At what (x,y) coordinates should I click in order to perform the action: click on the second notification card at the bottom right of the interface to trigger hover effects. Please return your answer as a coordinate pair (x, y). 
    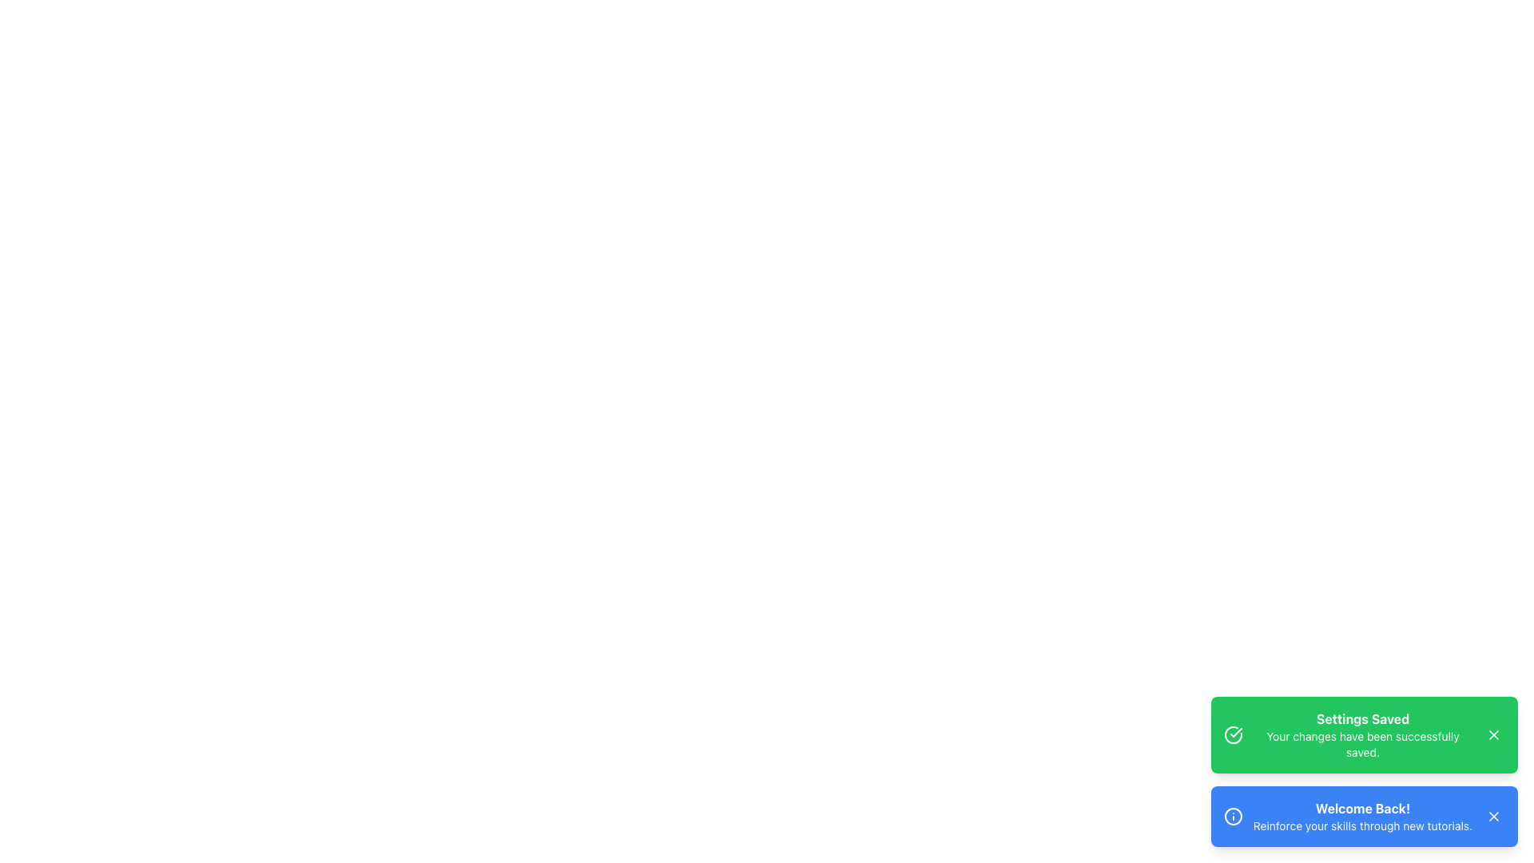
    Looking at the image, I should click on (1364, 817).